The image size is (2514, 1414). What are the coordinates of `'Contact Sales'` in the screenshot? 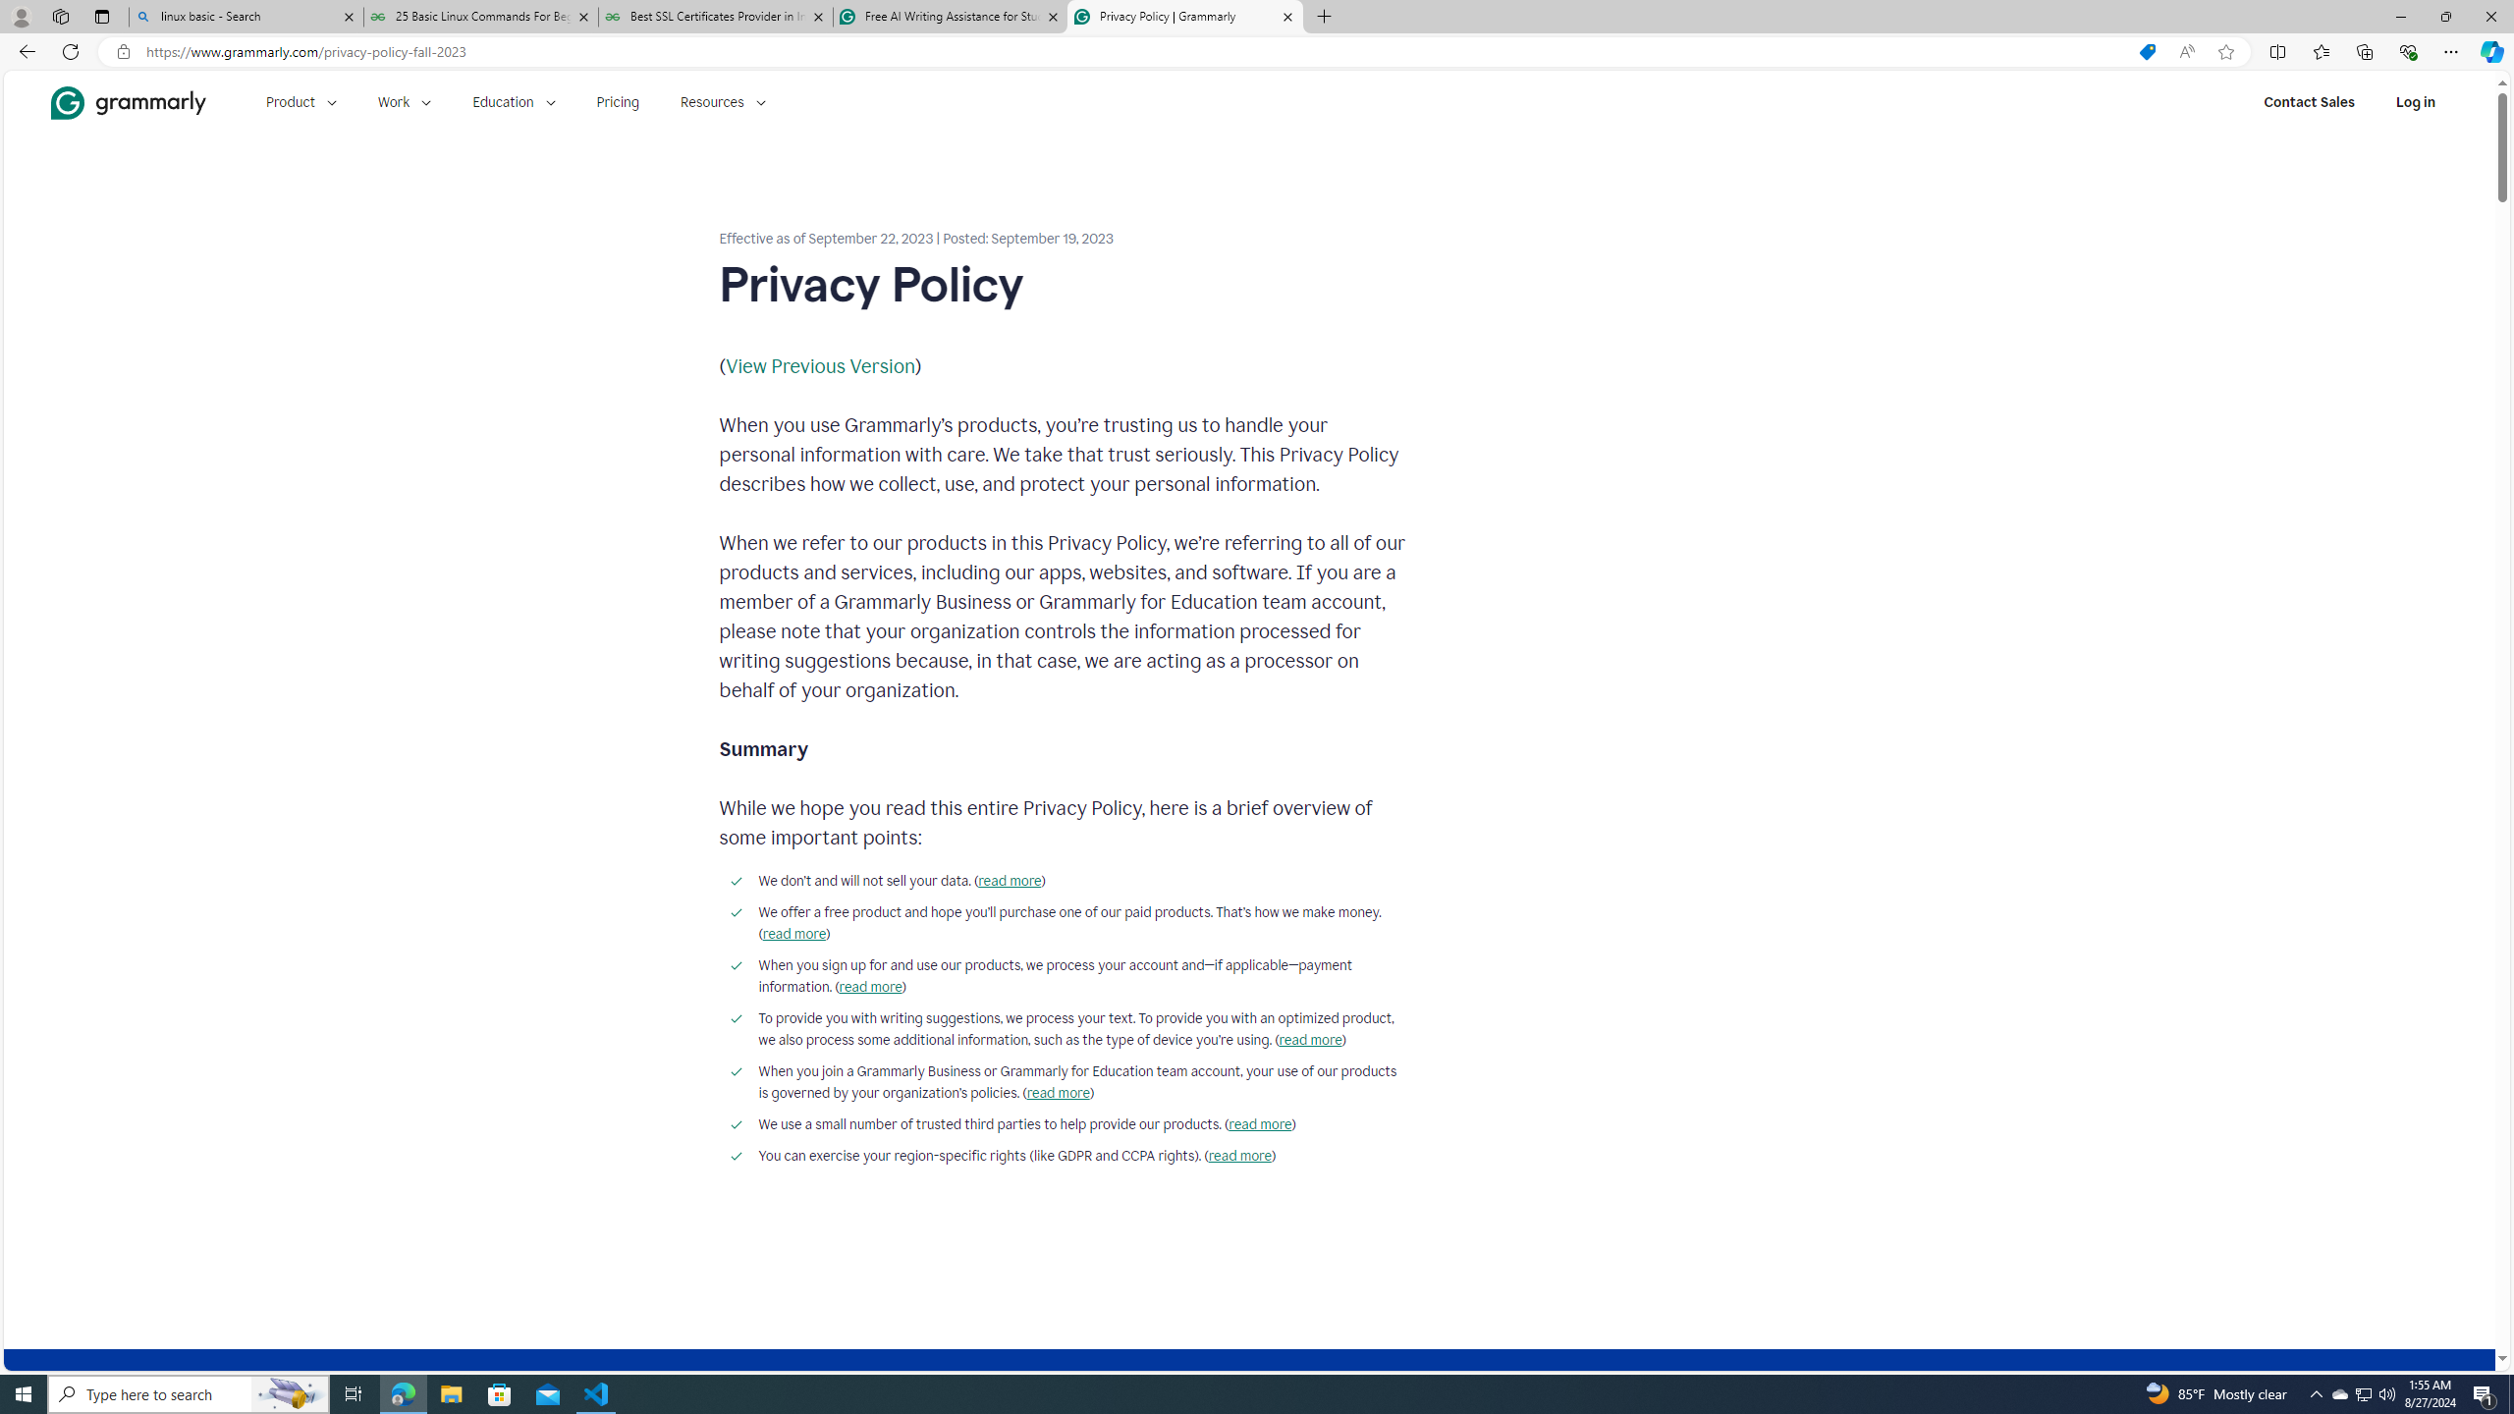 It's located at (2309, 101).